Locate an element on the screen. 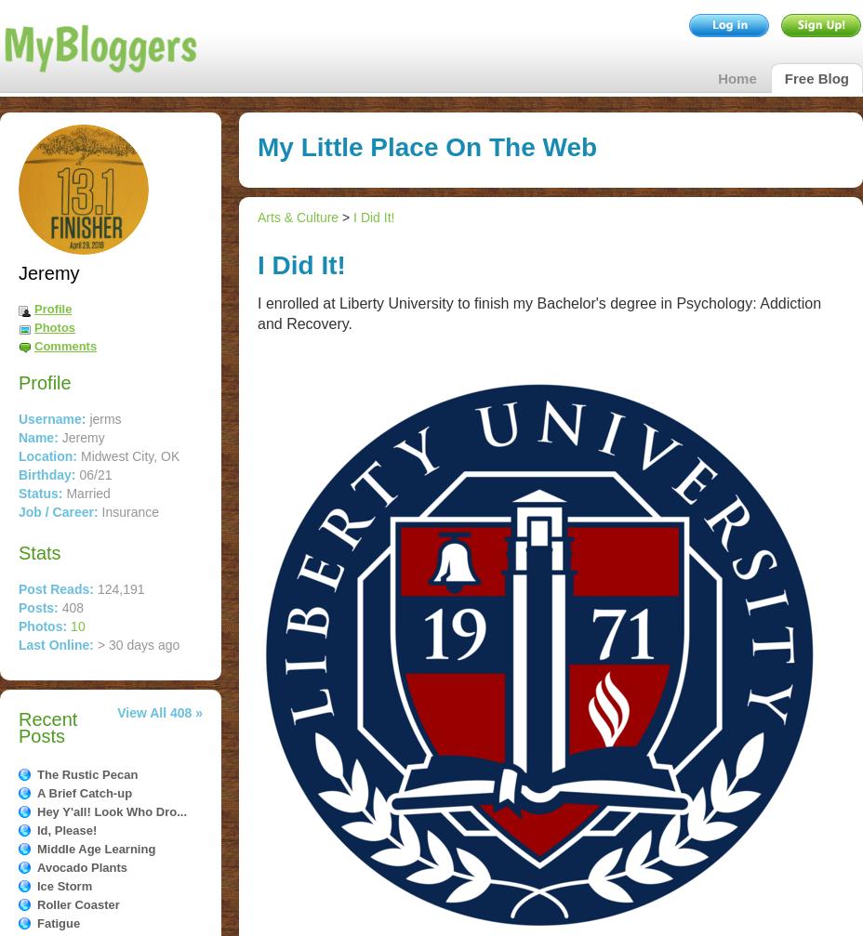 The height and width of the screenshot is (936, 863). 'Stats' is located at coordinates (18, 552).